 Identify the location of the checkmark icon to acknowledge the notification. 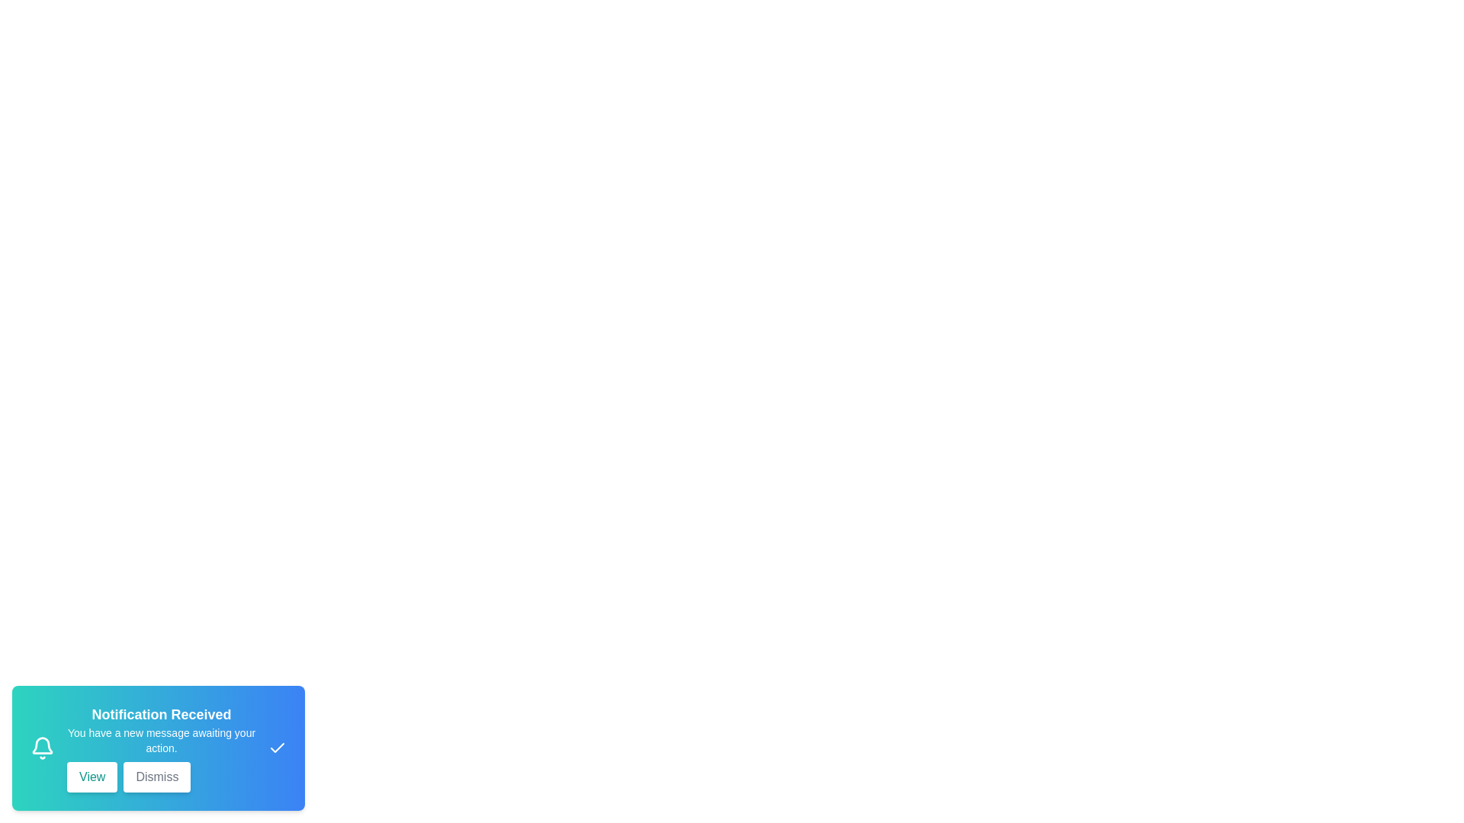
(278, 748).